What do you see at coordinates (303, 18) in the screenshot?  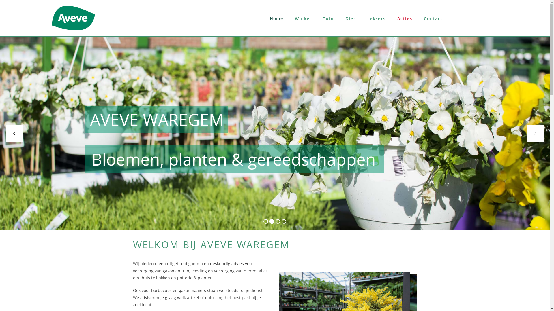 I see `'Winkel'` at bounding box center [303, 18].